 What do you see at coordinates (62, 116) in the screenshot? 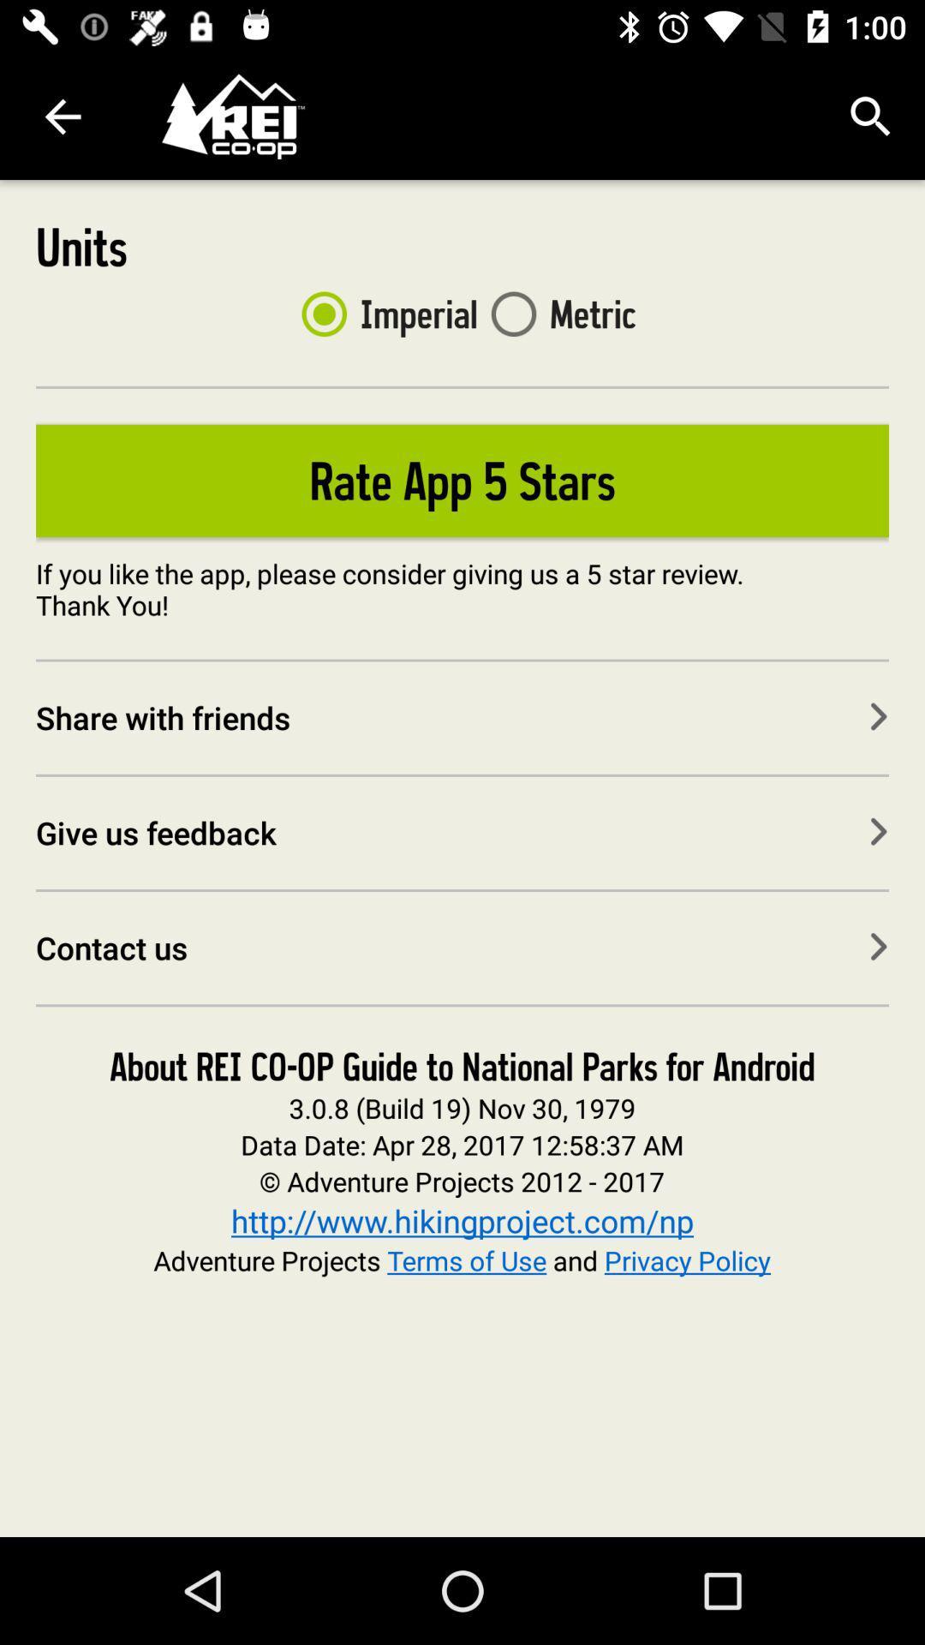
I see `the icon above units` at bounding box center [62, 116].